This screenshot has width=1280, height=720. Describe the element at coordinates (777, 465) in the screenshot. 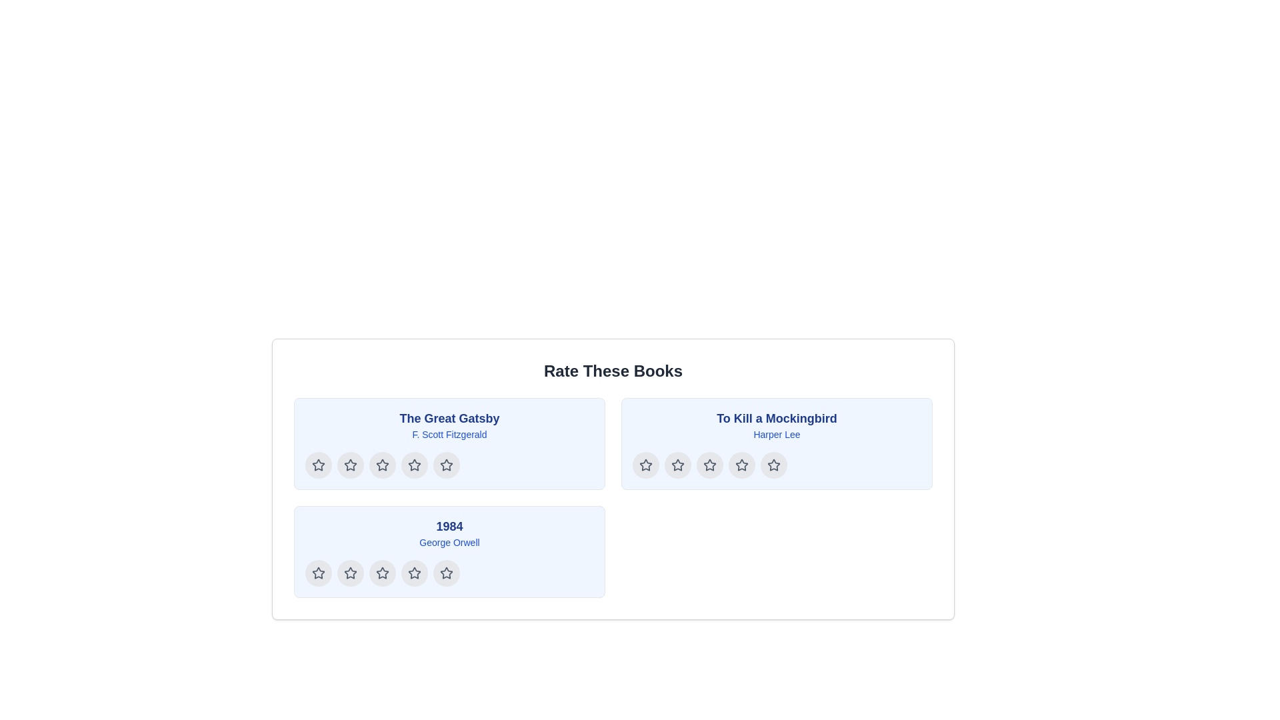

I see `the star icon in the rating component for the book 'To Kill a Mockingbird'` at that location.